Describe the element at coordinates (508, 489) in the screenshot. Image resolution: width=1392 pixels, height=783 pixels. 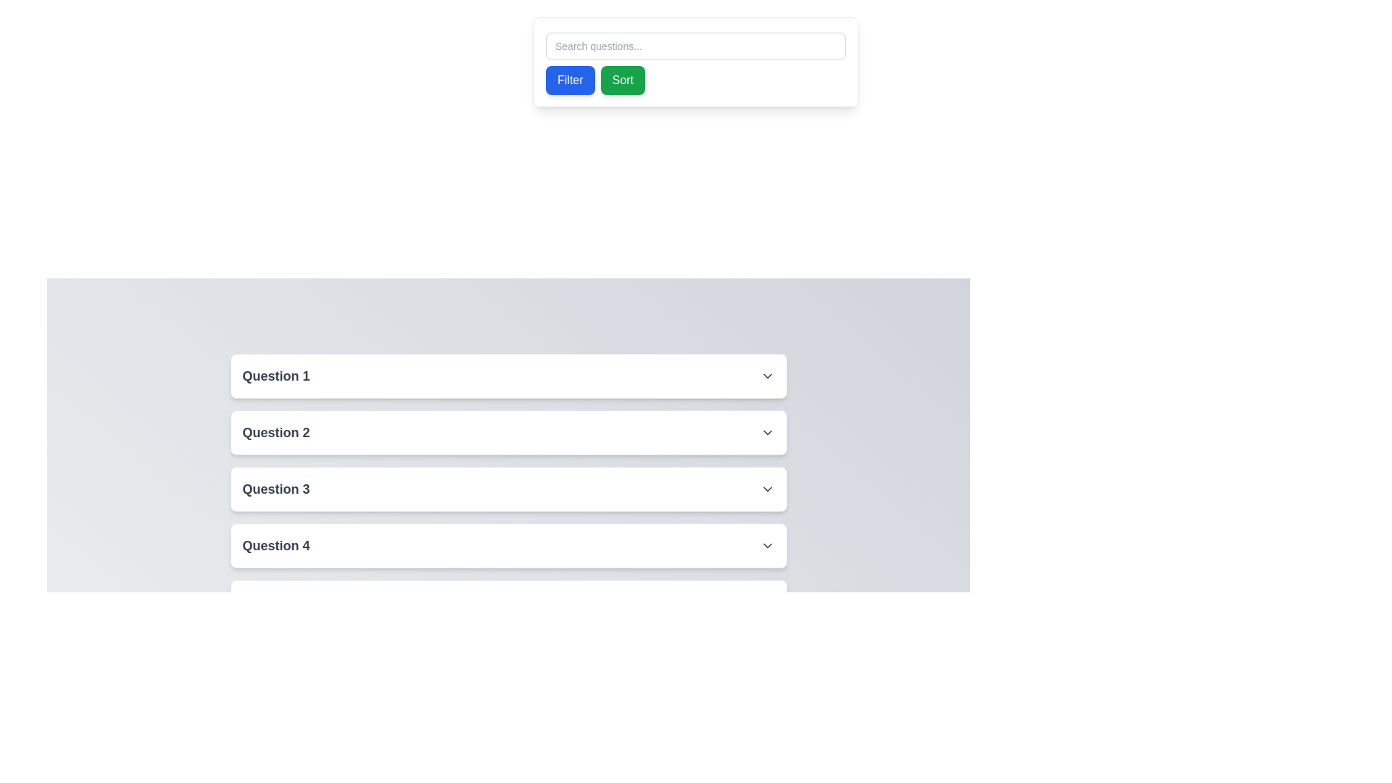
I see `the 'Question 3' dropdown list item` at that location.